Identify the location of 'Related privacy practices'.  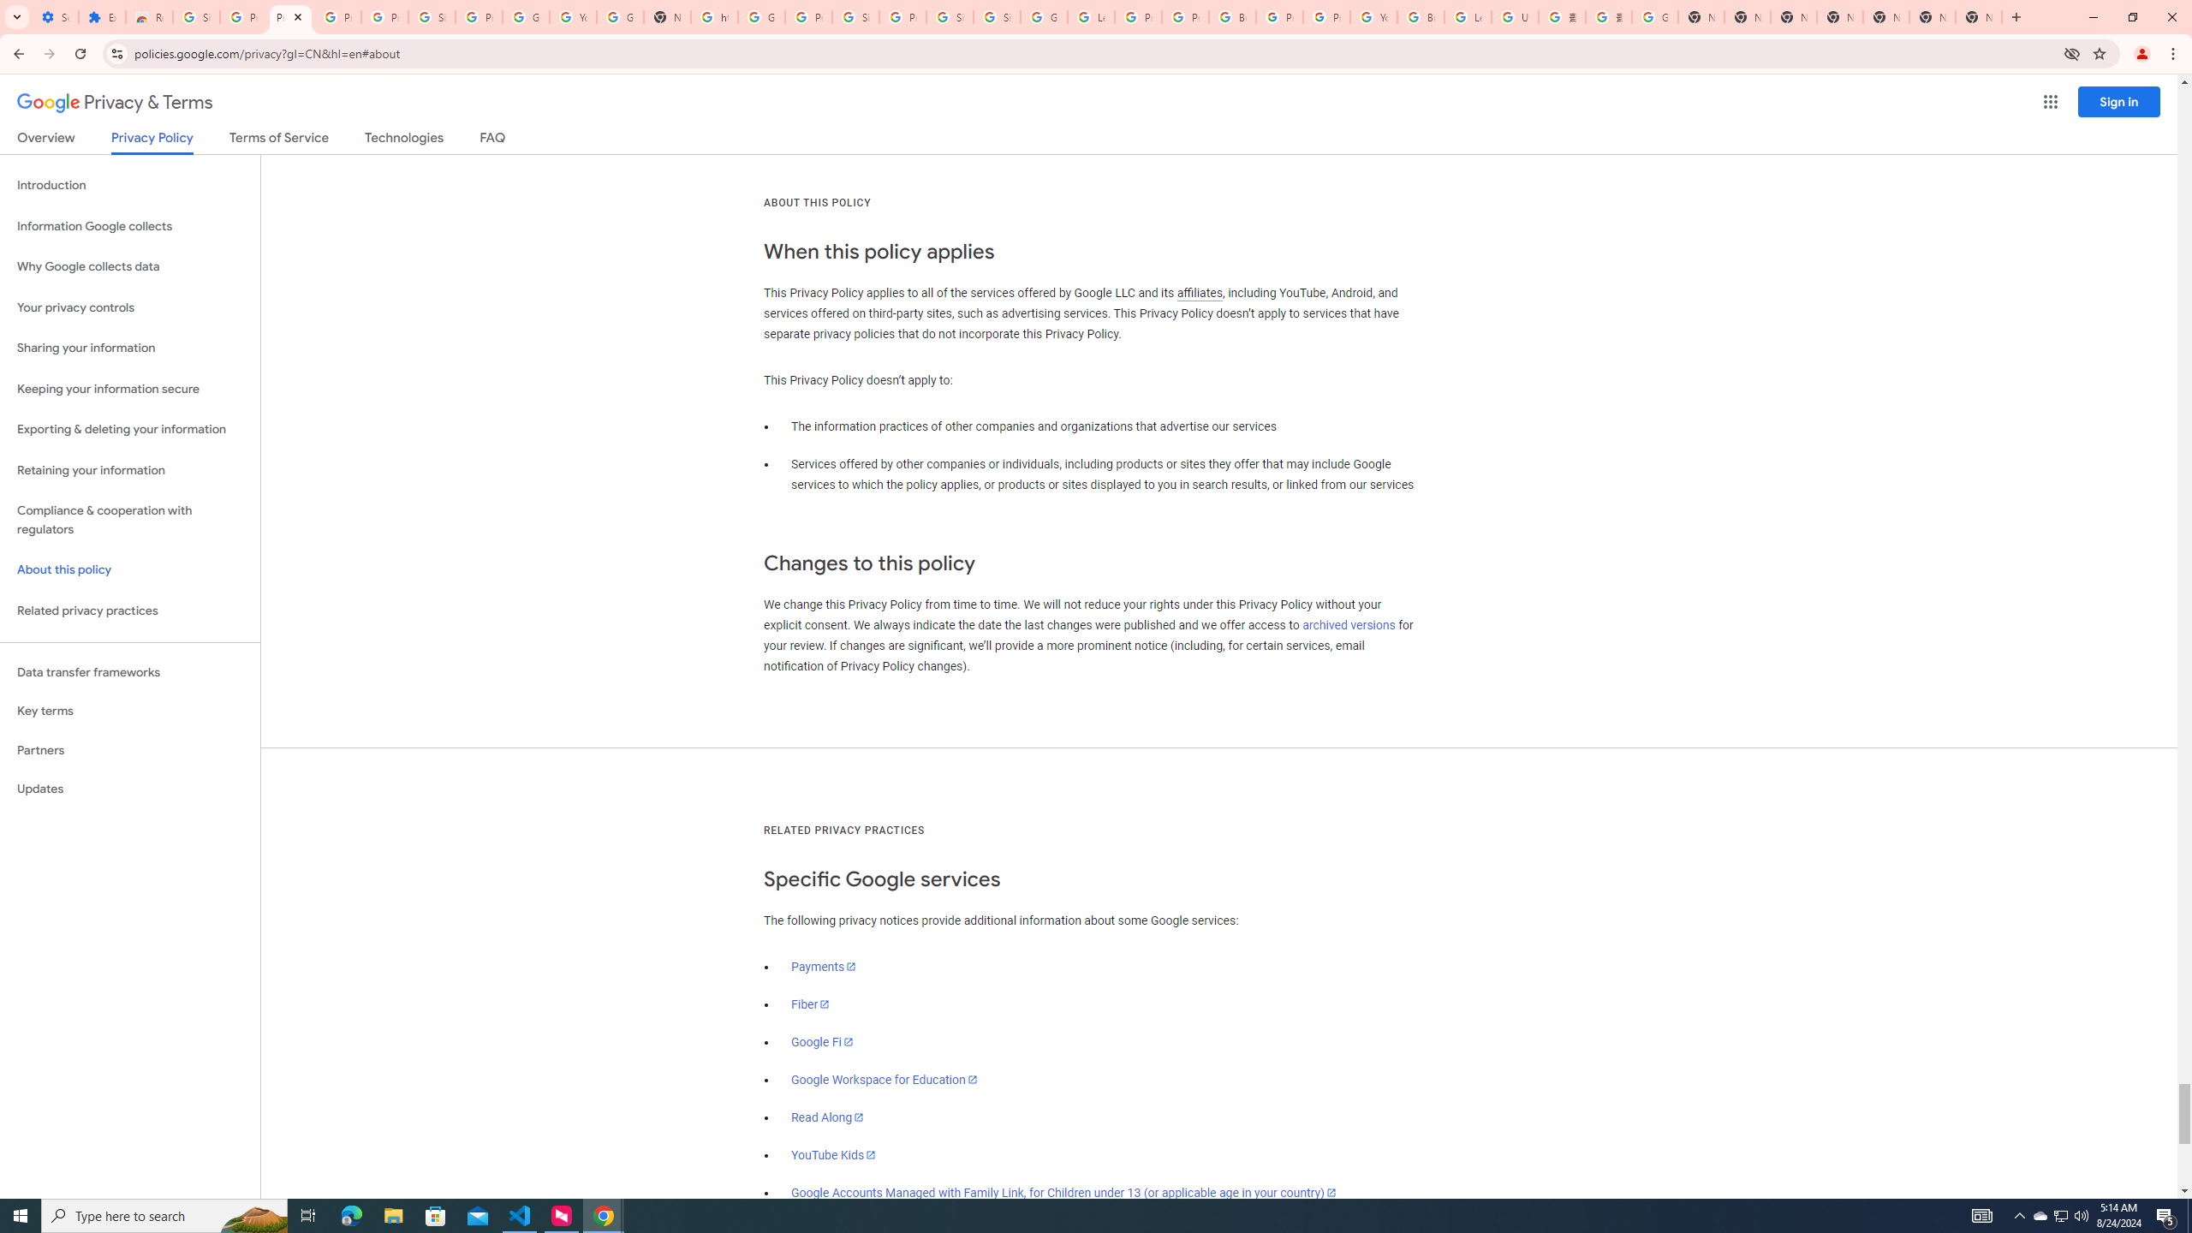
(129, 610).